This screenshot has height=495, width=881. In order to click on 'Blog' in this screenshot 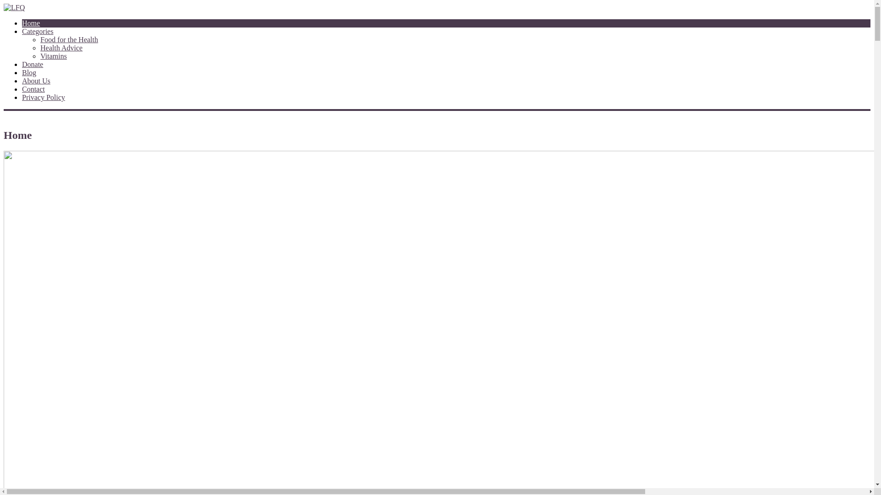, I will do `click(22, 72)`.